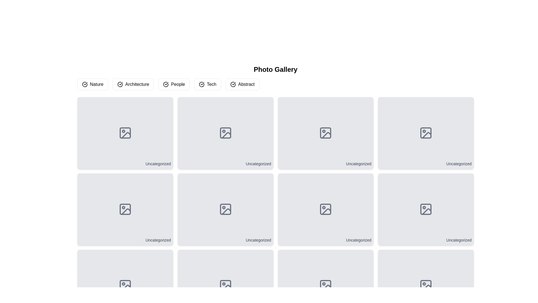  I want to click on the icon element resembling a photo outline, which is located in the bottom-right grid cell of the photo gallery layout labeled 'Uncategorized', so click(225, 286).